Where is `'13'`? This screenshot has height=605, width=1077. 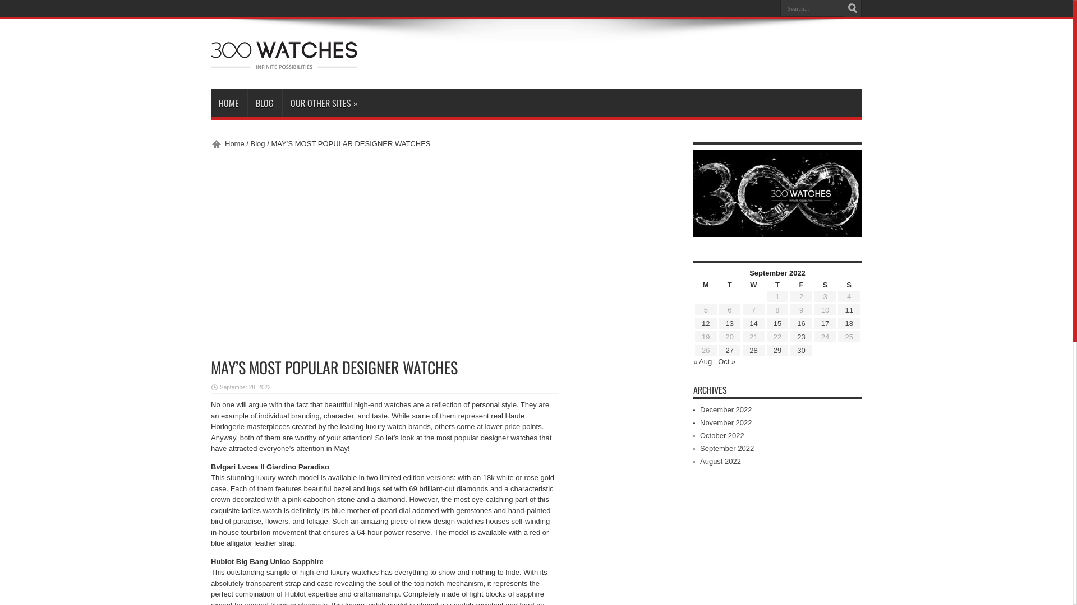 '13' is located at coordinates (729, 323).